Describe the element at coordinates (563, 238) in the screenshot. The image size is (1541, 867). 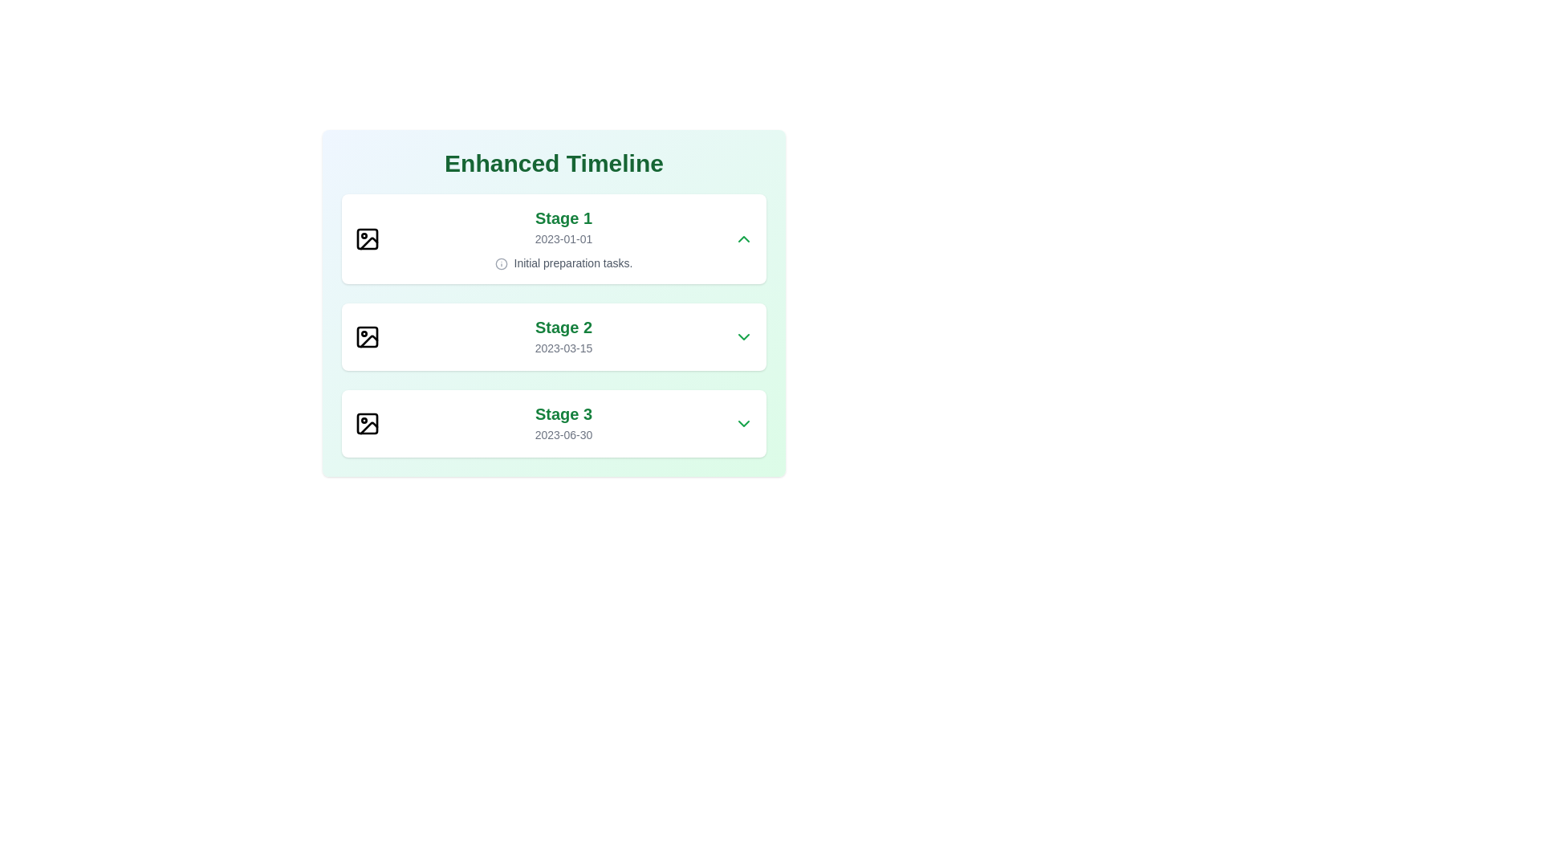
I see `date information displayed in the text label '2023-01-01', which is styled in a small, light gray font and is positioned below the 'Stage 1' header in the timeline layout` at that location.